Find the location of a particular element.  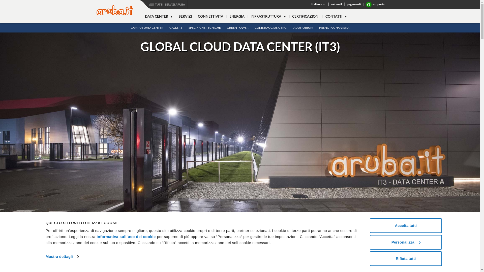

'Personalizza' is located at coordinates (405, 242).